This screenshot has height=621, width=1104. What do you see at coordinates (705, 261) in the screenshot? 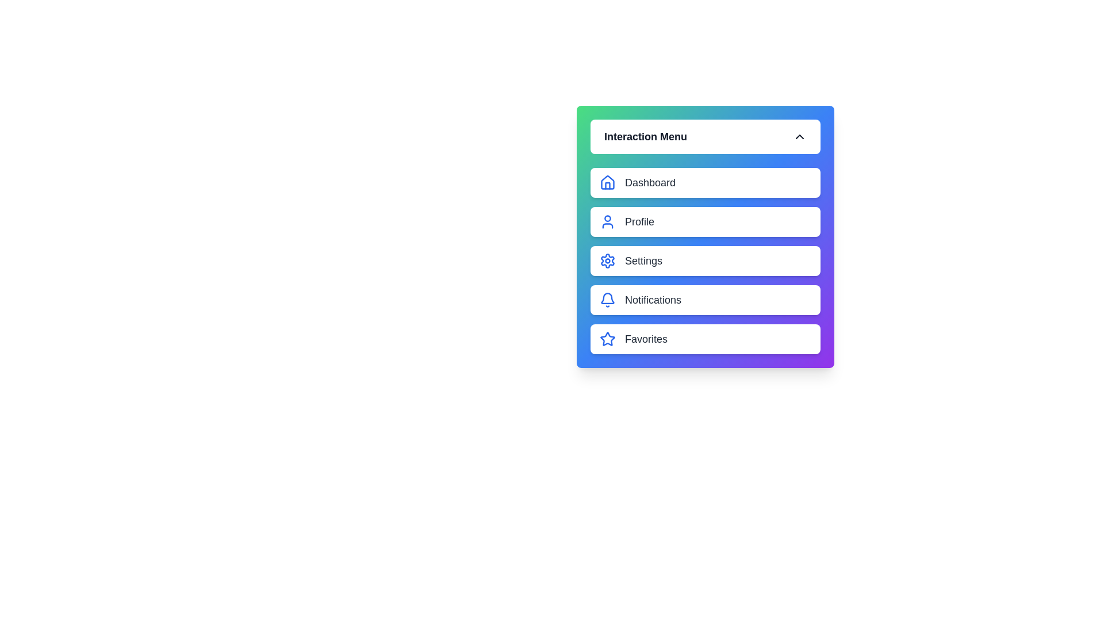
I see `the menu item Settings` at bounding box center [705, 261].